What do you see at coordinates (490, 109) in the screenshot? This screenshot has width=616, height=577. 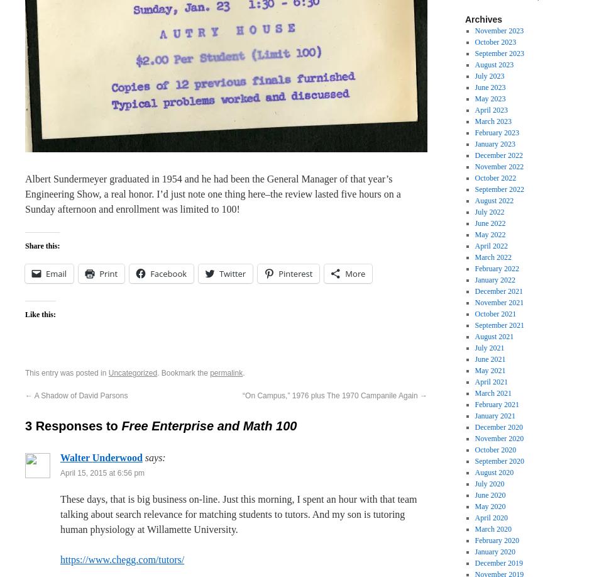 I see `'April 2023'` at bounding box center [490, 109].